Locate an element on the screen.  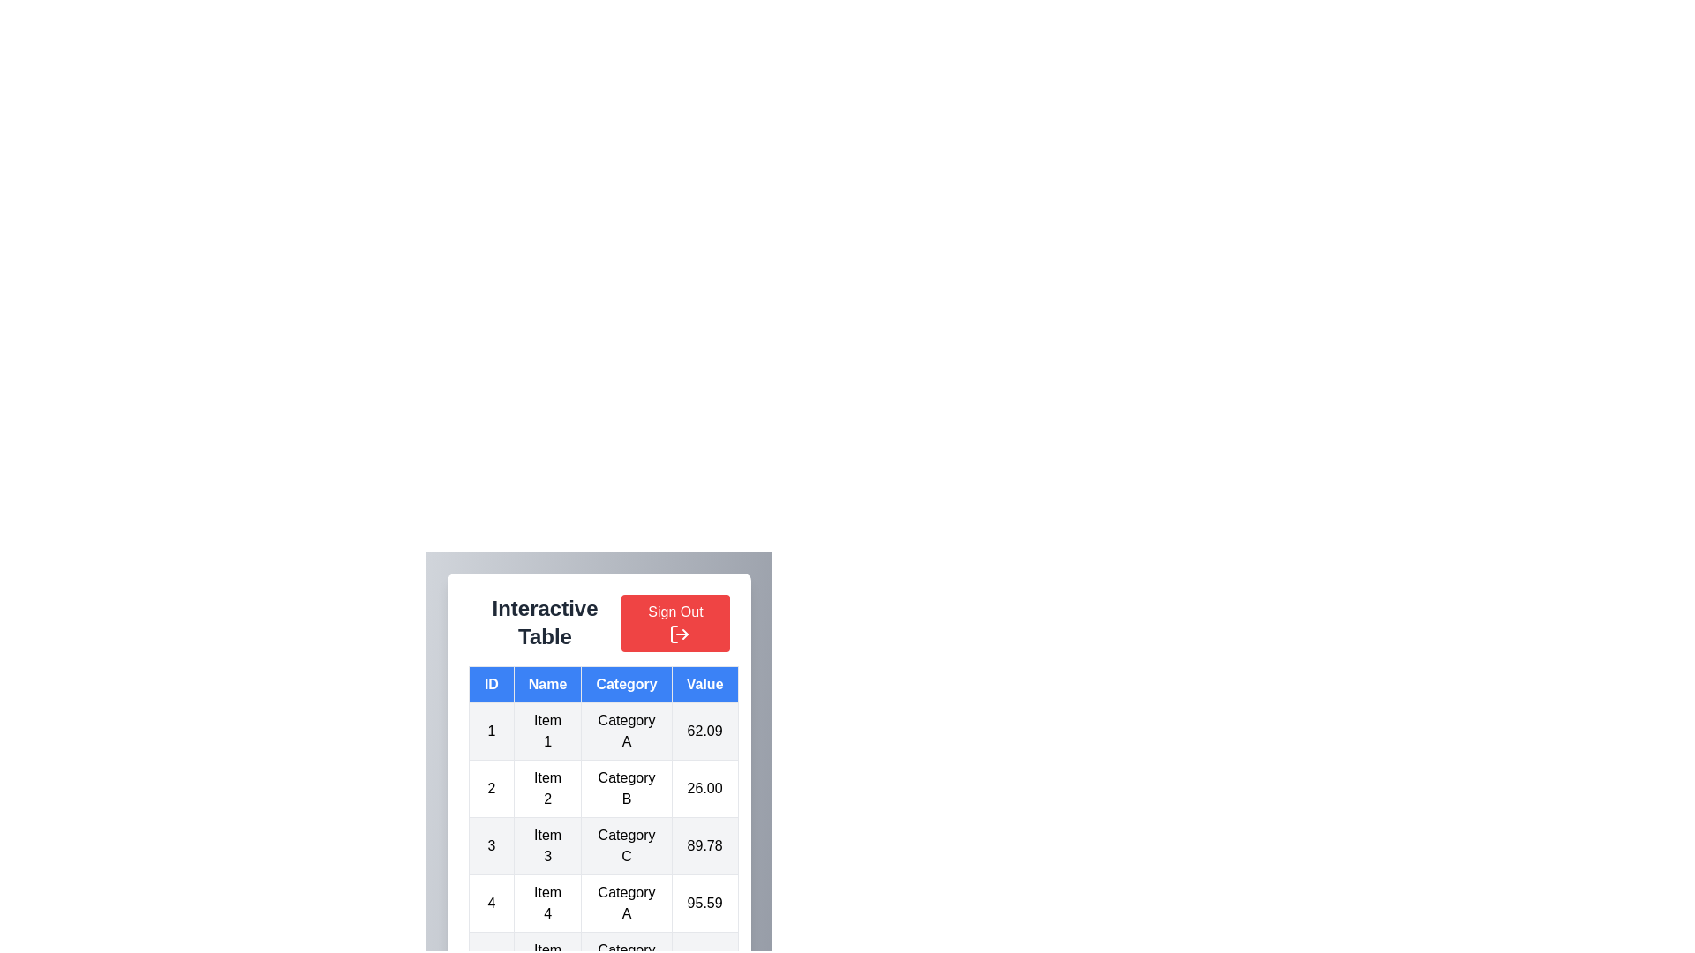
the ID to sort the table by that column is located at coordinates (491, 683).